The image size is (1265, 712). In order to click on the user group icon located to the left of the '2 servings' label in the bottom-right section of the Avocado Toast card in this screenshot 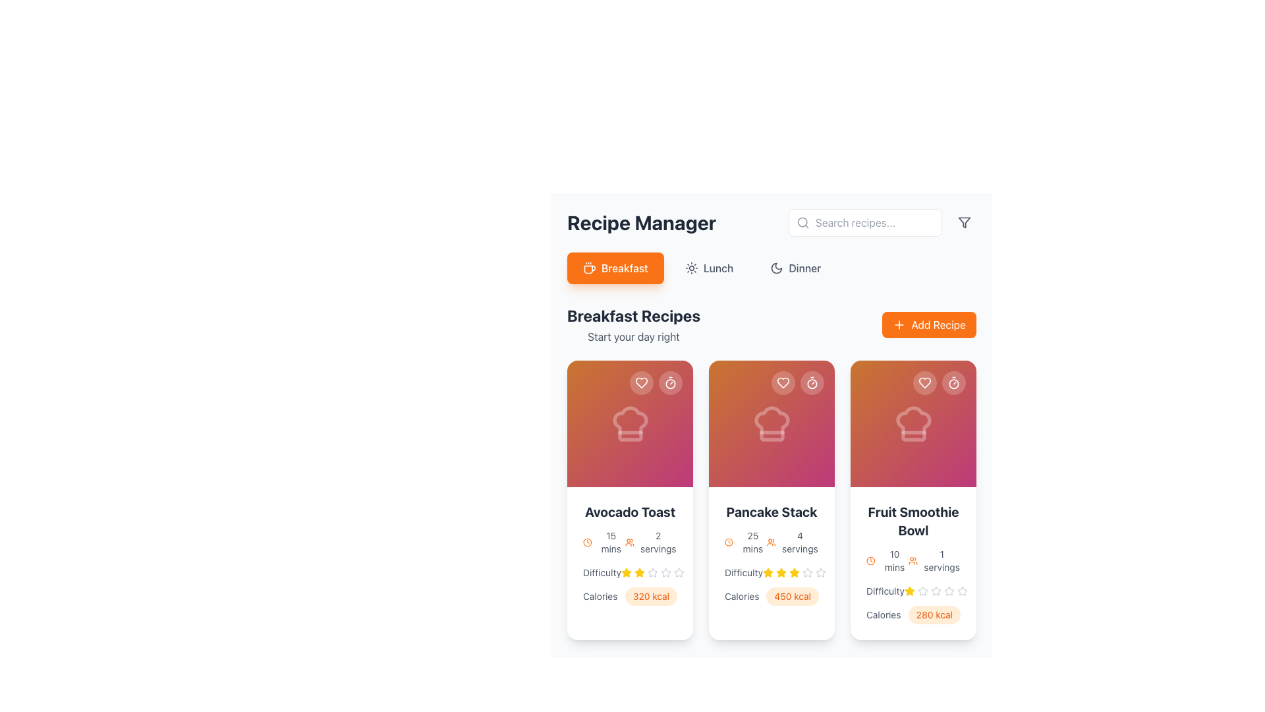, I will do `click(629, 542)`.